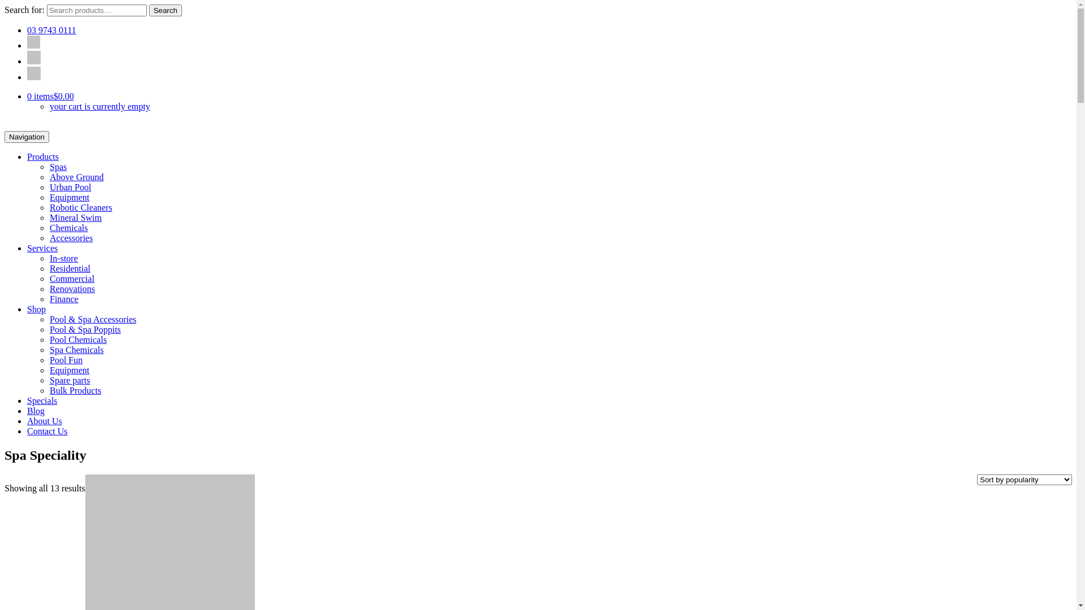 The image size is (1085, 610). What do you see at coordinates (49, 186) in the screenshot?
I see `'Urban Pool'` at bounding box center [49, 186].